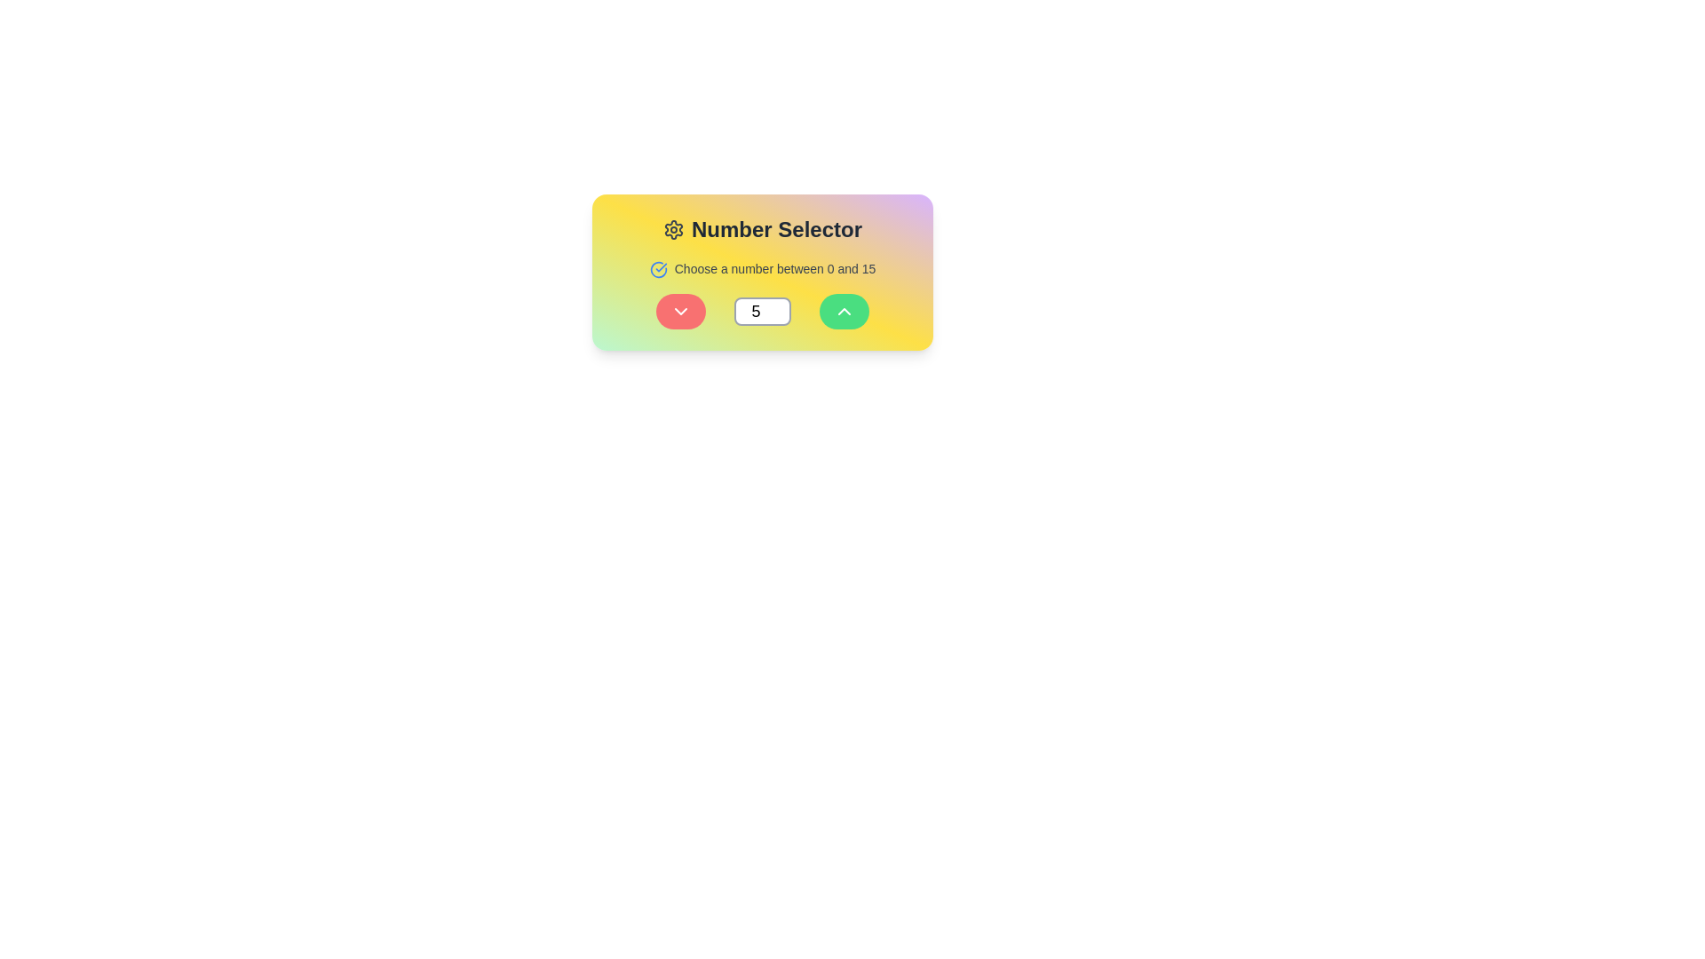  Describe the element at coordinates (763, 311) in the screenshot. I see `the numeric input field, which allows users to select or edit a number between 0 and 15` at that location.